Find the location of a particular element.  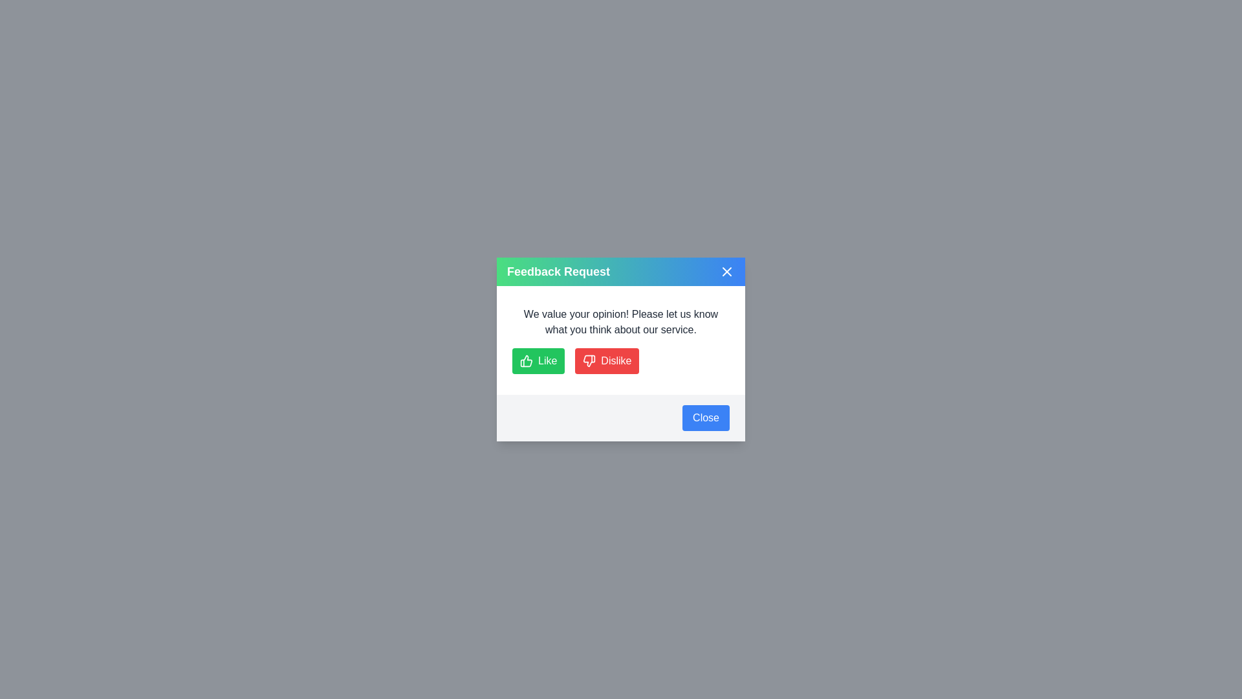

the 'Like' button to express positive feedback is located at coordinates (538, 361).